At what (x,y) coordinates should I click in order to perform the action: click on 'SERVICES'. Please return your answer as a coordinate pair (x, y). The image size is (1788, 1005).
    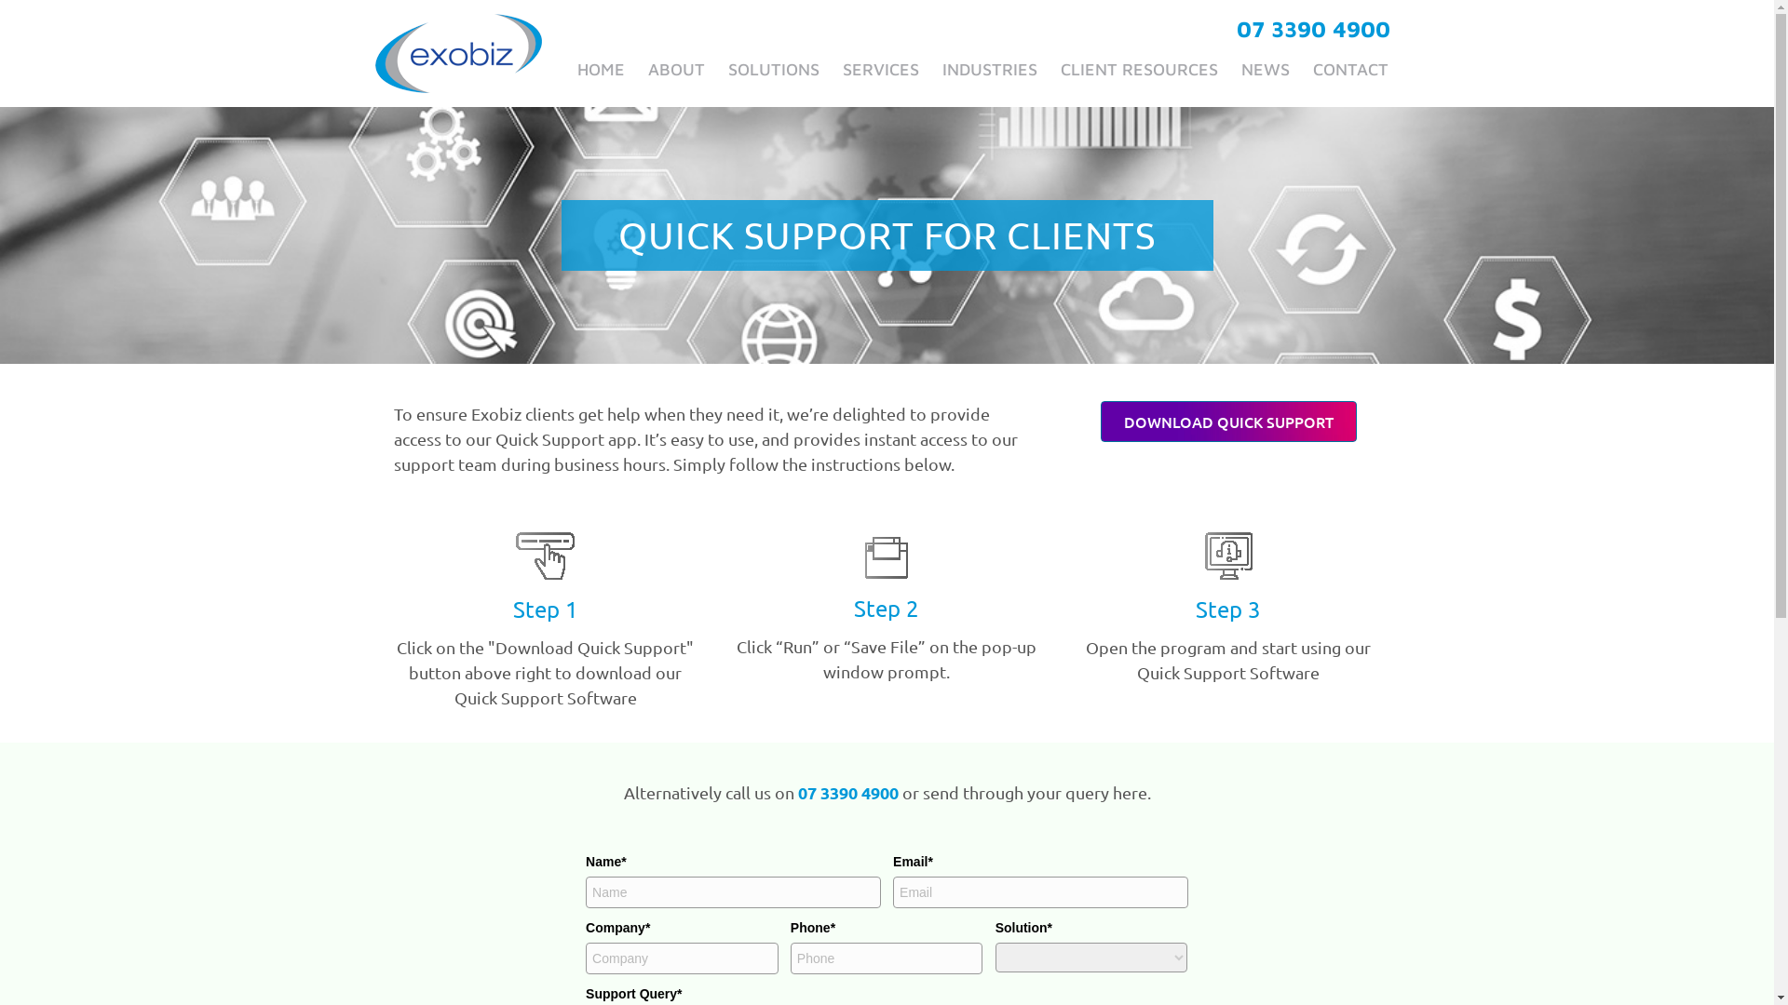
    Looking at the image, I should click on (830, 68).